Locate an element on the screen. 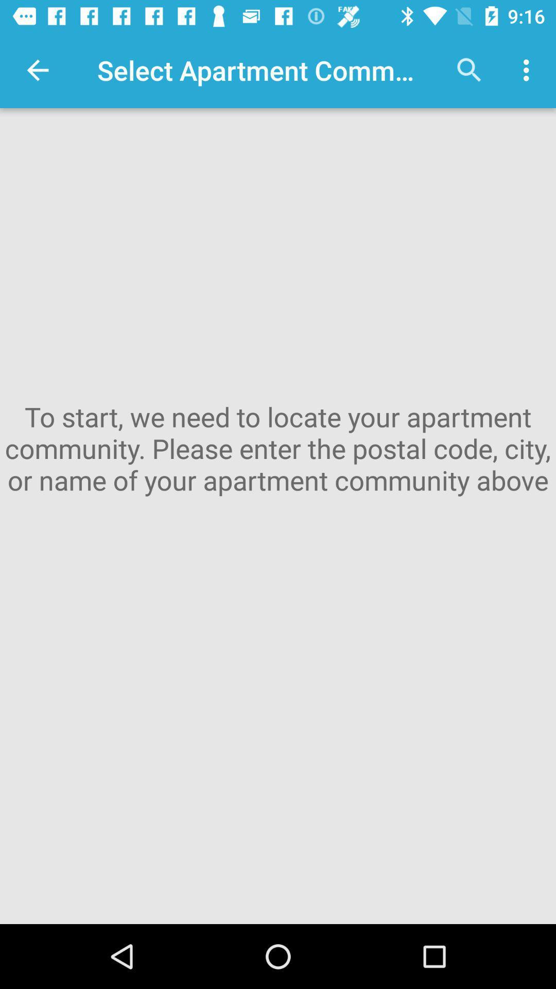 This screenshot has width=556, height=989. item to the left of the select apartment community icon is located at coordinates (37, 70).